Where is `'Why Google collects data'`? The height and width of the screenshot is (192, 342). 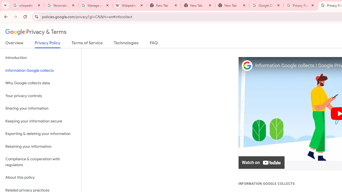
'Why Google collects data' is located at coordinates (40, 83).